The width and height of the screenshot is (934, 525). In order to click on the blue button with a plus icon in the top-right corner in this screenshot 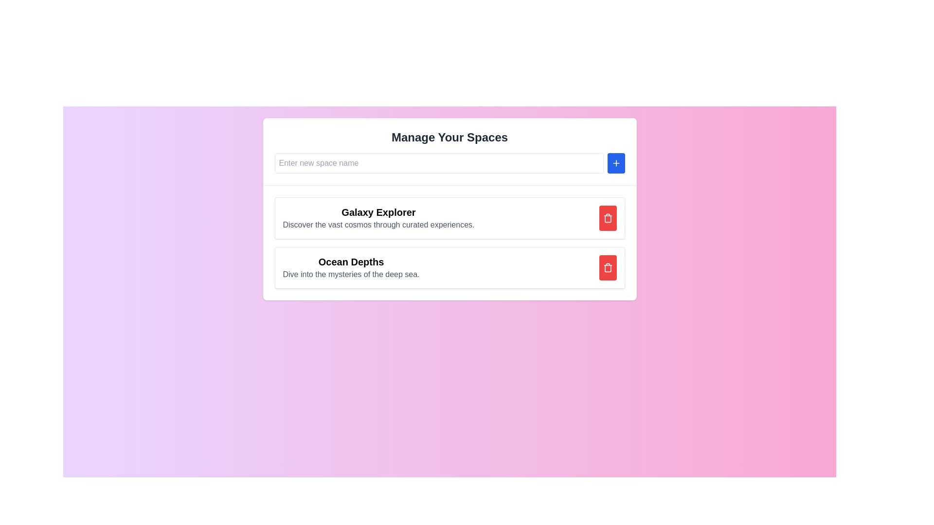, I will do `click(615, 162)`.